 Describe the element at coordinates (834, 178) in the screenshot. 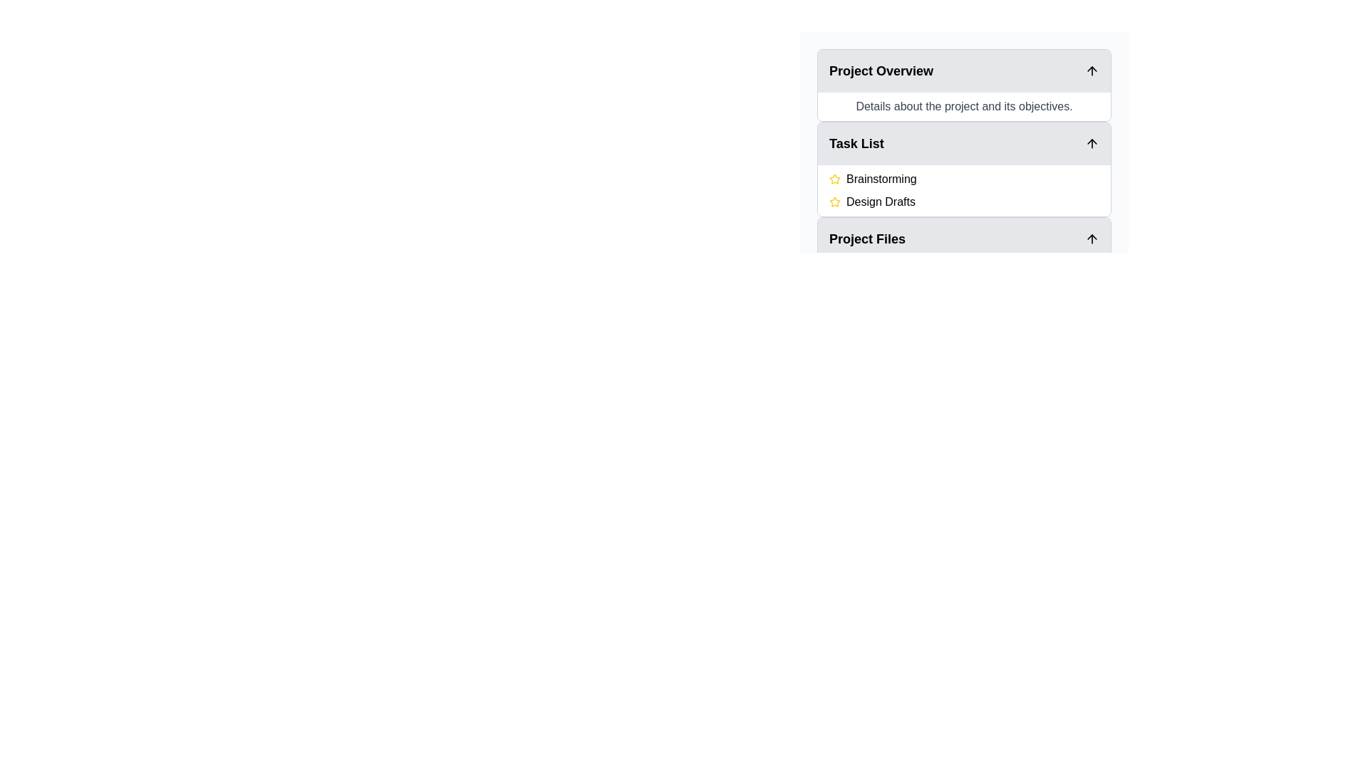

I see `the star icon representing the rating or importance marker for the 'Brainstorming' task item, which is located to the left of the text in the task list` at that location.